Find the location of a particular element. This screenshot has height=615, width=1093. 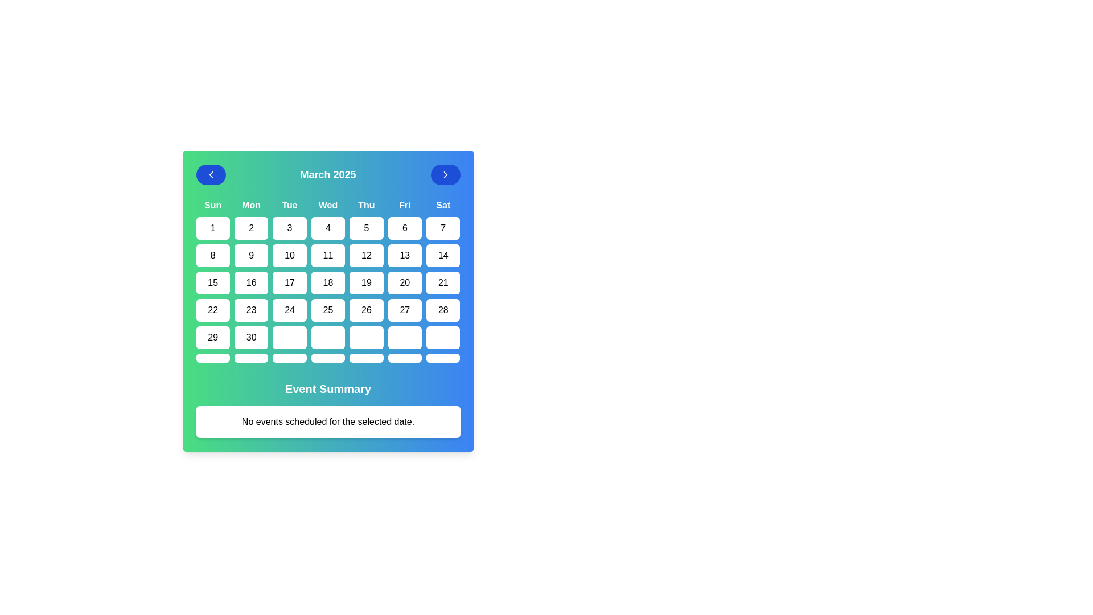

the rectangular white button with rounded corners in the seventh row and fourth column of the March 2025 calendar grid to interact with it is located at coordinates (327, 357).